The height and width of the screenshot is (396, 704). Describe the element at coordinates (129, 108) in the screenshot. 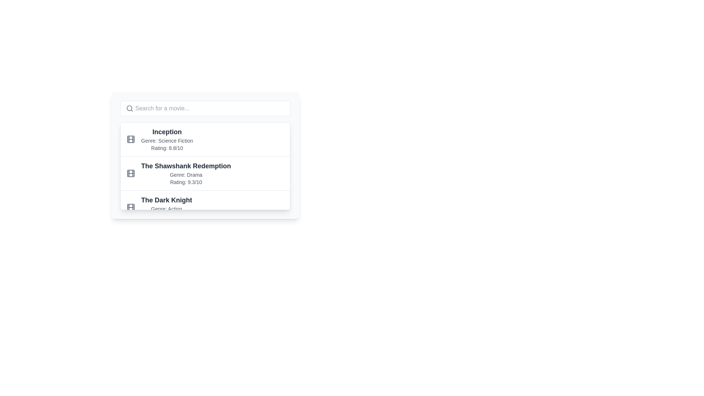

I see `the circular outline graphic element that represents the search magnifying glass, located to the left of the input field` at that location.